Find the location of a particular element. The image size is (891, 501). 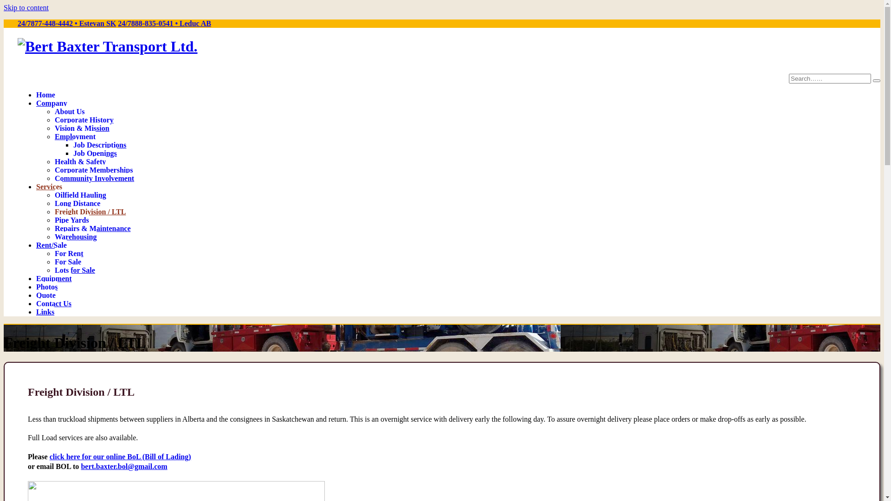

'Quote' is located at coordinates (45, 295).